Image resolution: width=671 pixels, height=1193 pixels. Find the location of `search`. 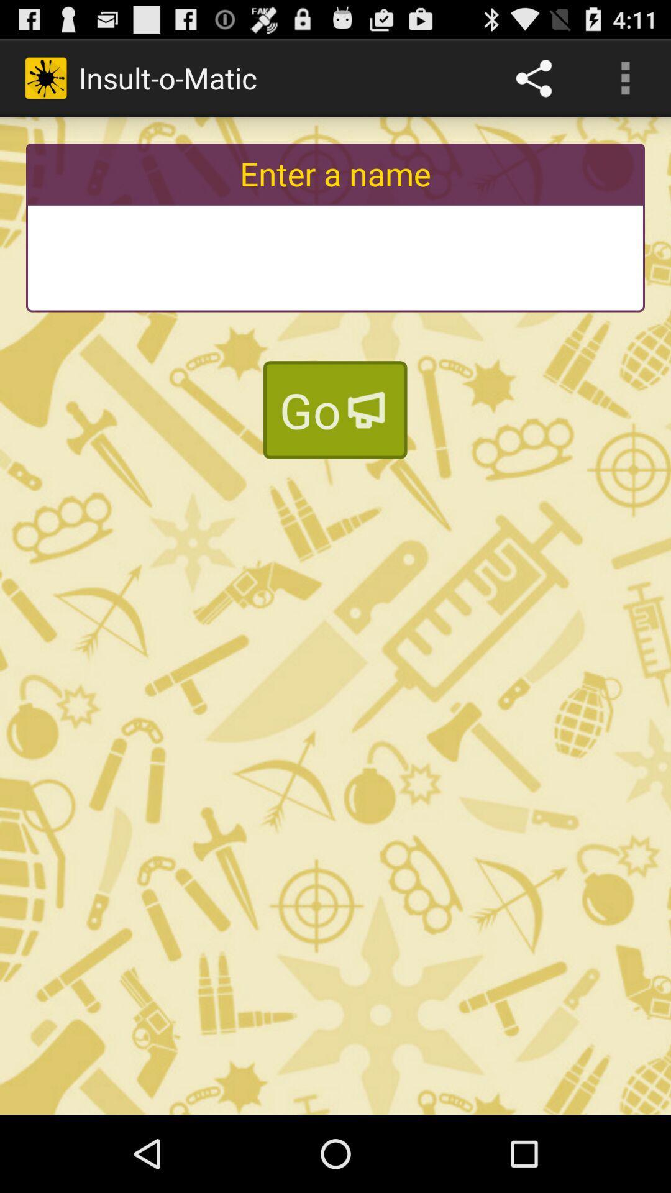

search is located at coordinates (335, 257).